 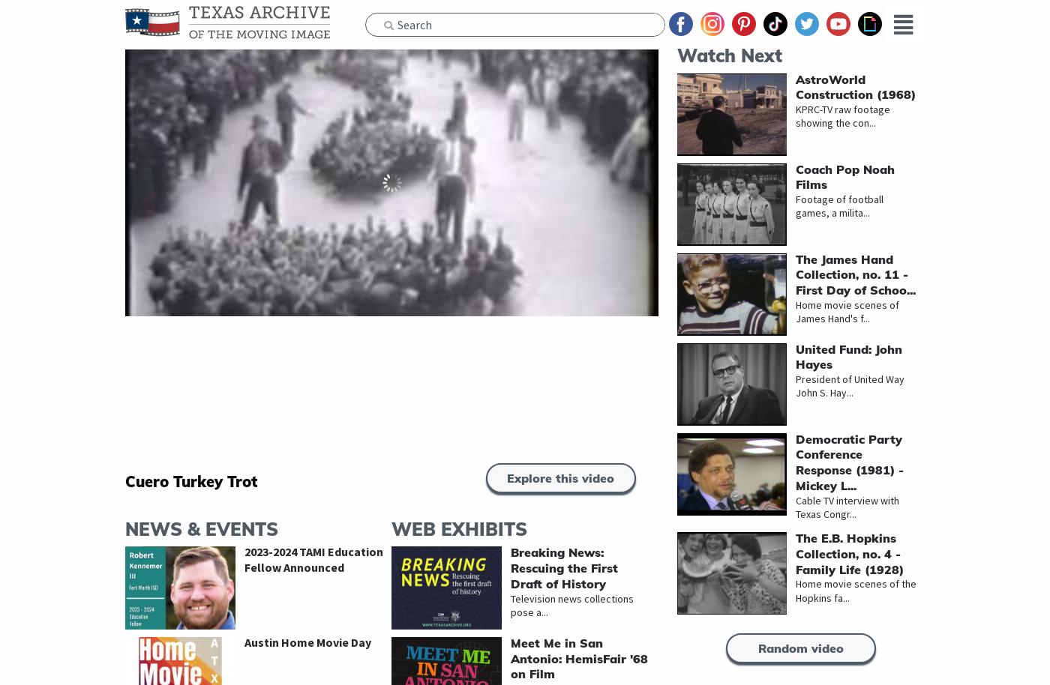 What do you see at coordinates (307, 641) in the screenshot?
I see `'Austin Home Movie Day'` at bounding box center [307, 641].